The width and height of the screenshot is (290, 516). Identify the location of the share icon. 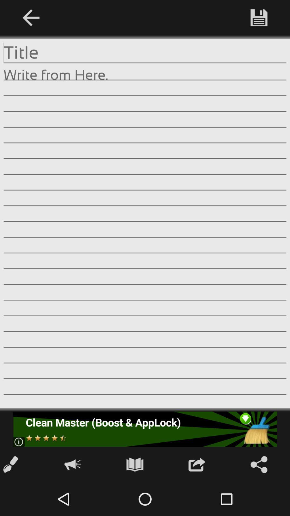
(259, 464).